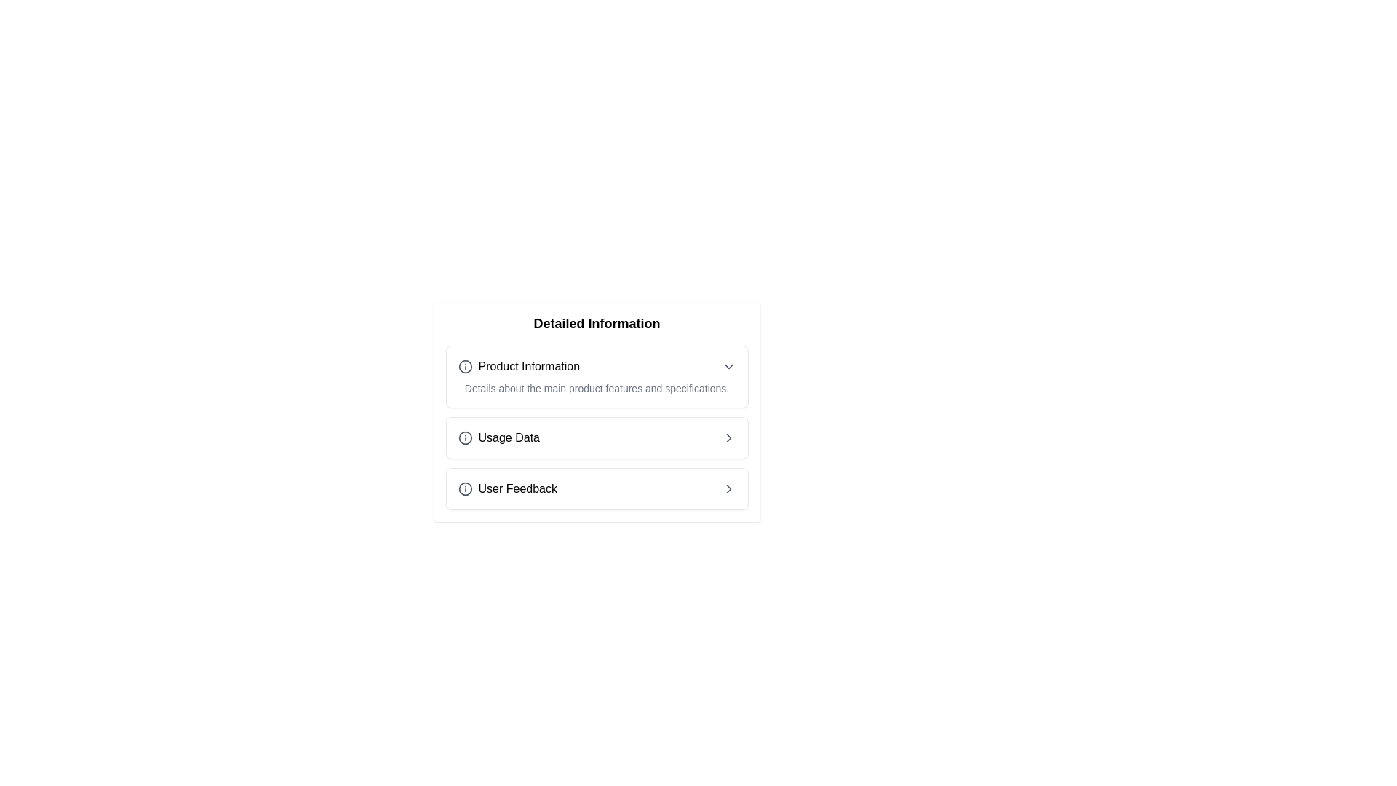 The image size is (1397, 786). I want to click on the collapsible panel titled 'Product Information' to interact with it, so click(597, 376).